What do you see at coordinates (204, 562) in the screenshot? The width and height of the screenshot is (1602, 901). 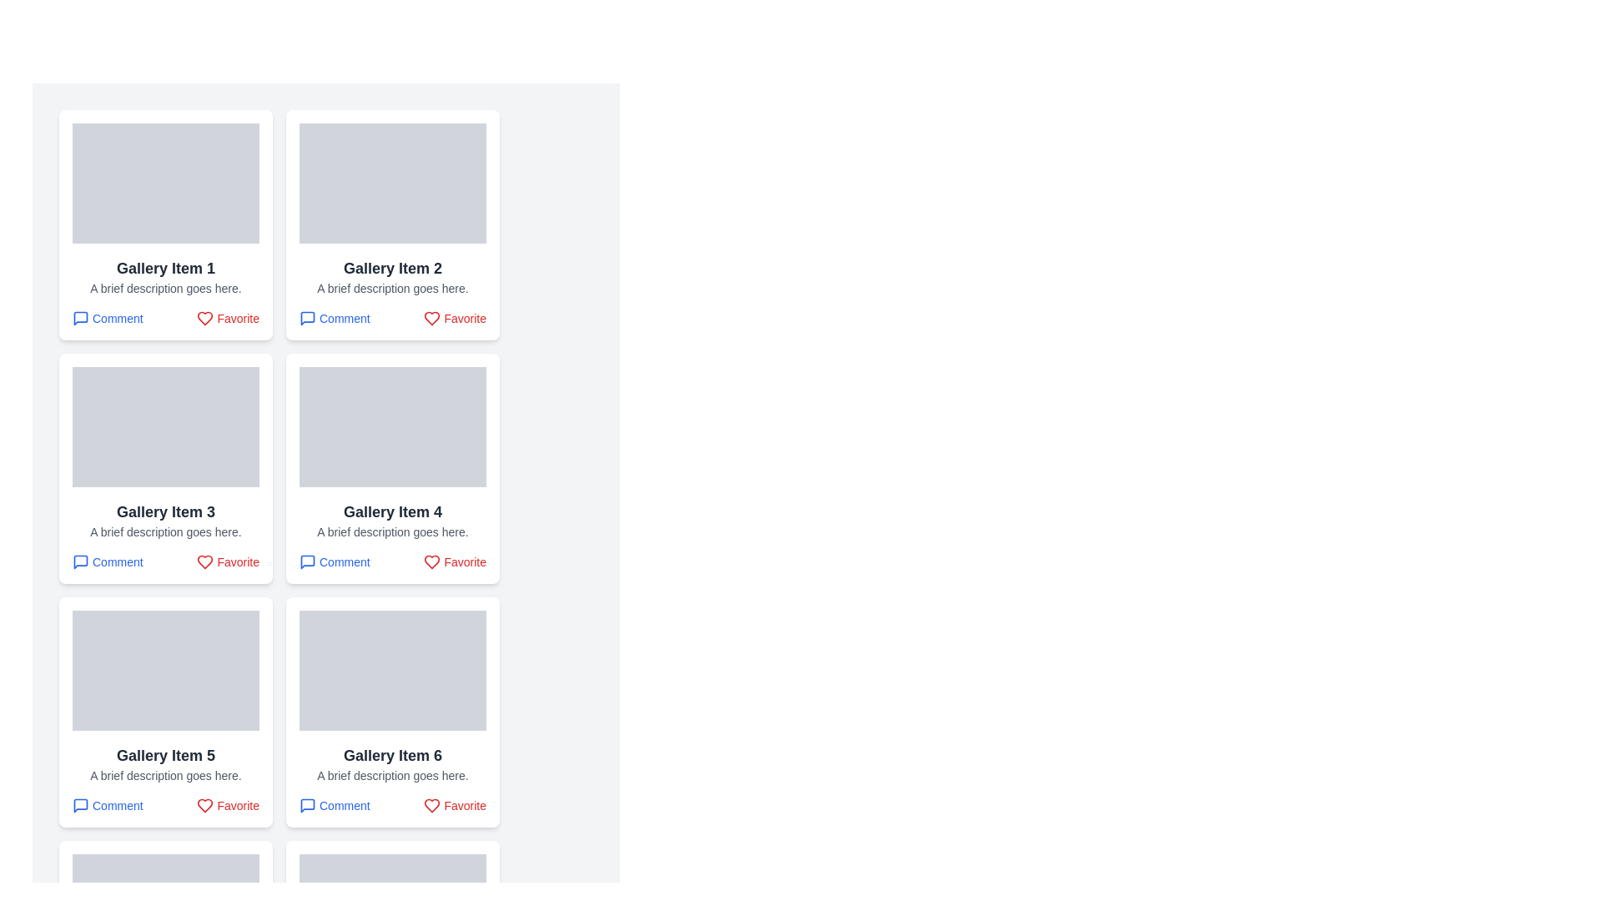 I see `the heart icon located beside the 'Favorite' text in the third card of the Gallery Item 3 to observe any hover effects` at bounding box center [204, 562].